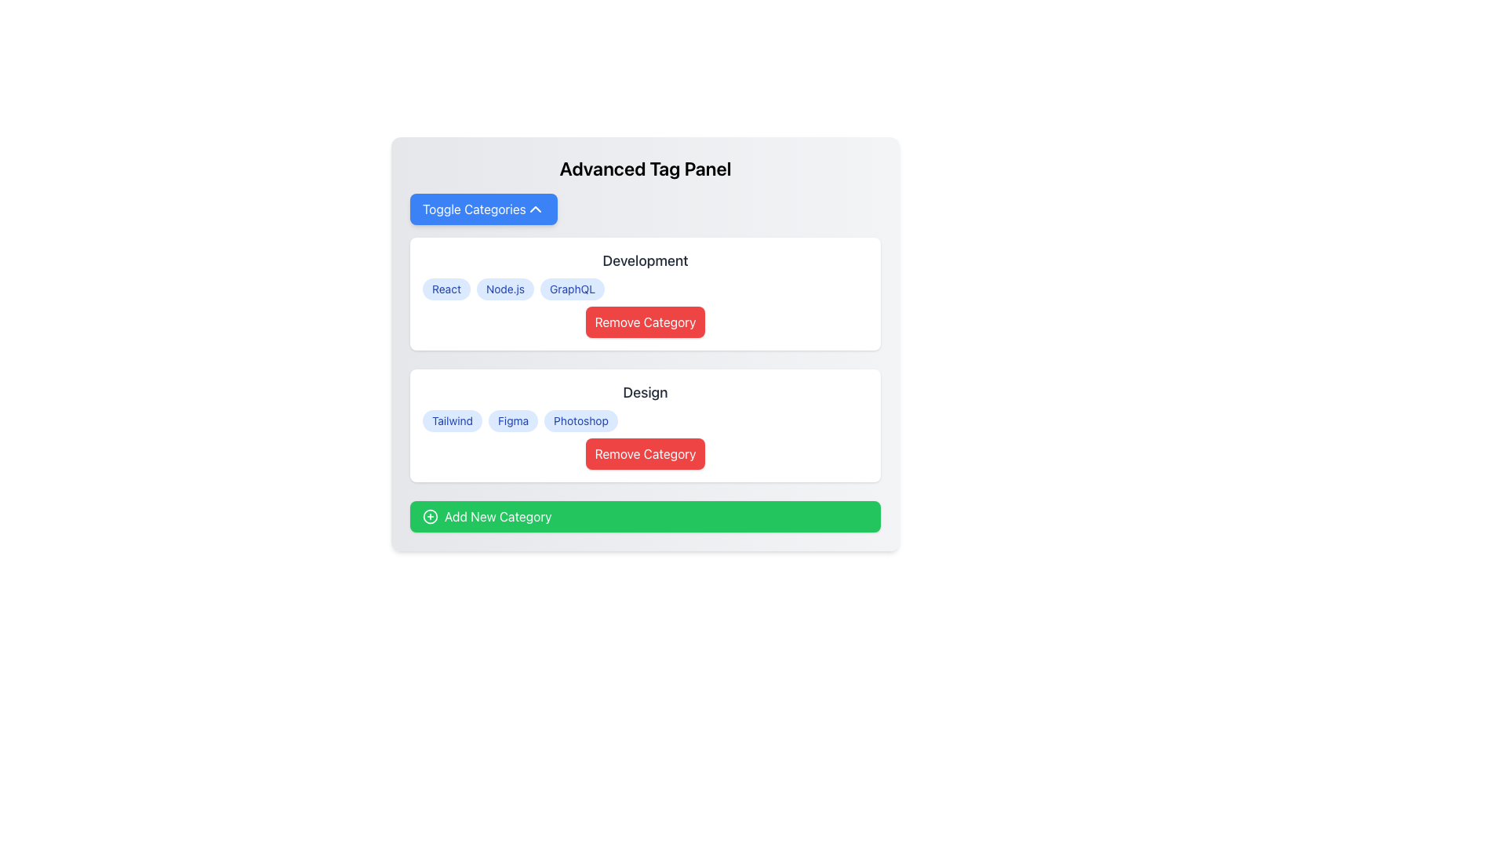  Describe the element at coordinates (505, 289) in the screenshot. I see `the 'Node.js' tag located centrally in the first row of tags under the 'Development' section to interact with it` at that location.